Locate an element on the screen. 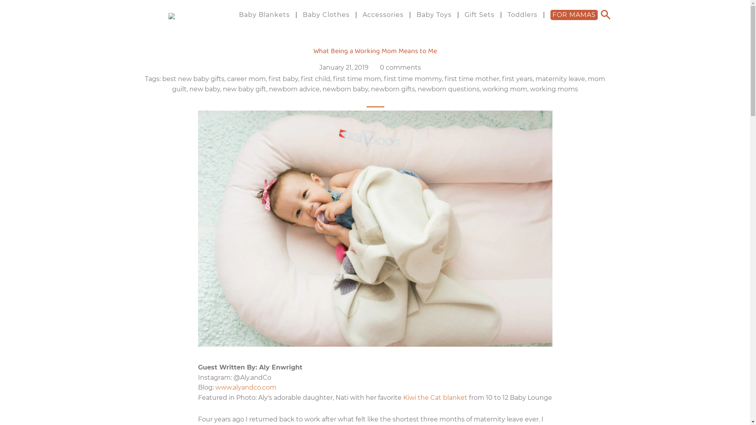 The width and height of the screenshot is (756, 425). 'newborn baby' is located at coordinates (322, 89).